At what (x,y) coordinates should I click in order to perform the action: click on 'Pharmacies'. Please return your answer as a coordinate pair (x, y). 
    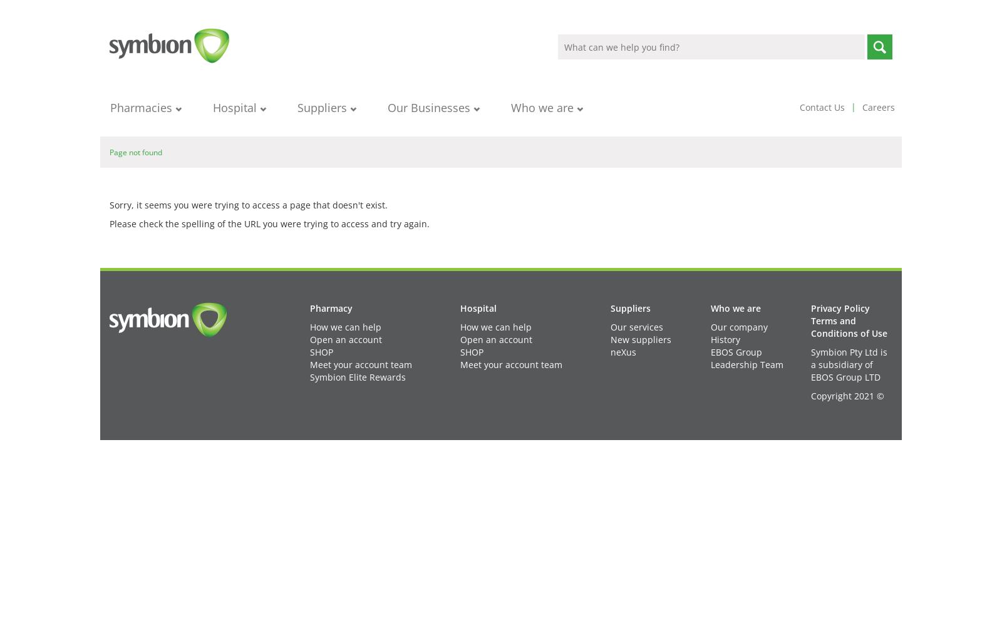
    Looking at the image, I should click on (110, 108).